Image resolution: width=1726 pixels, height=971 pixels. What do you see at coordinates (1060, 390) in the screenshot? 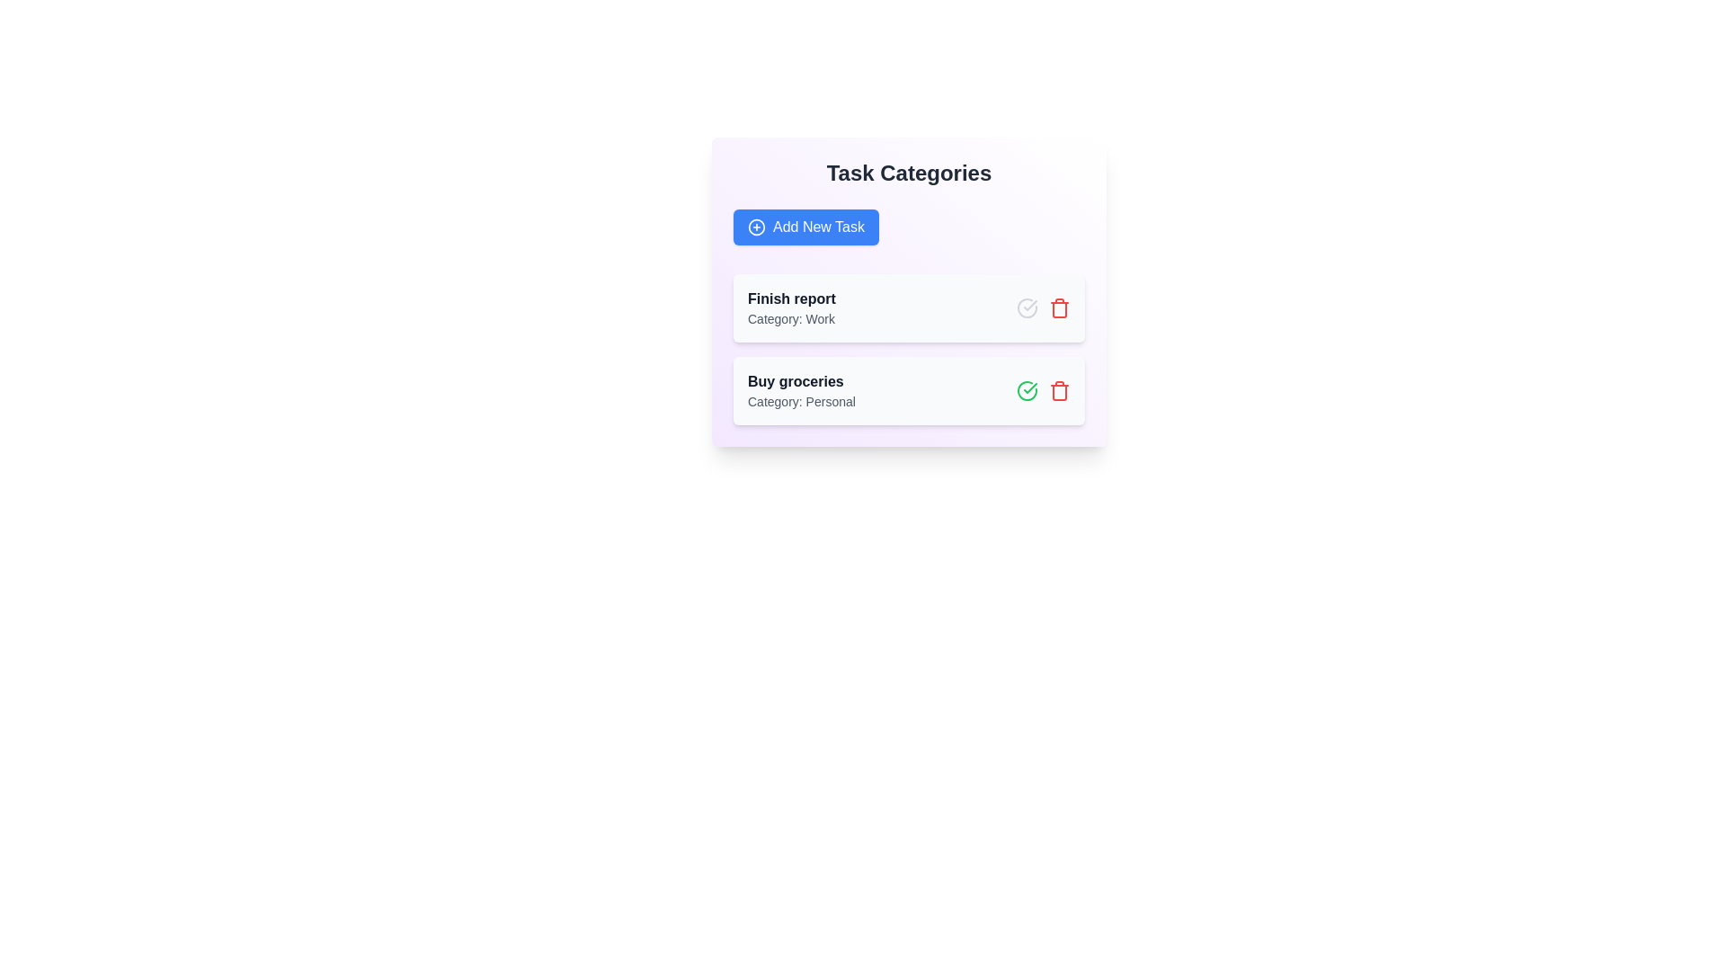
I see `the trash icon corresponding to the task 'Buy groceries' to delete it` at bounding box center [1060, 390].